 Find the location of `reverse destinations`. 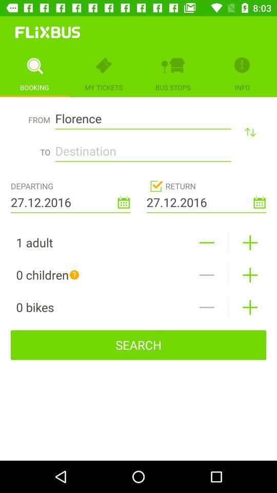

reverse destinations is located at coordinates (249, 131).